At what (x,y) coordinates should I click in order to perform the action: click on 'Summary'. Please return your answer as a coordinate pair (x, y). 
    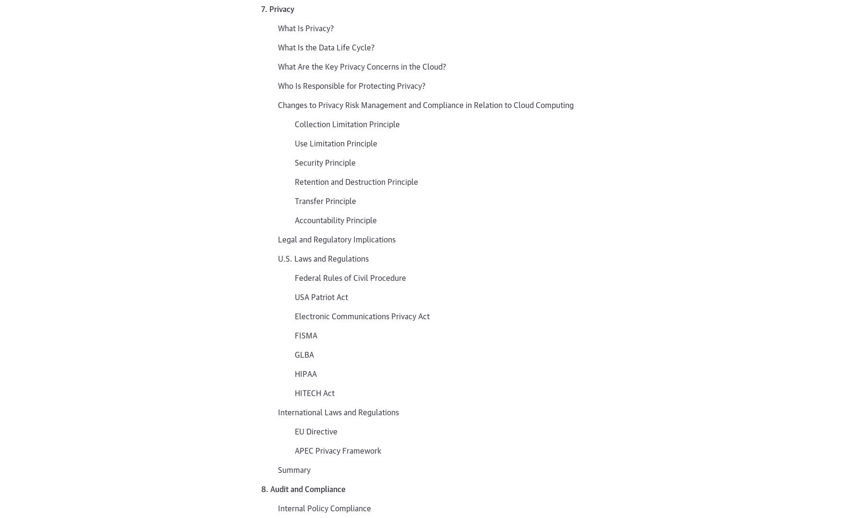
    Looking at the image, I should click on (294, 469).